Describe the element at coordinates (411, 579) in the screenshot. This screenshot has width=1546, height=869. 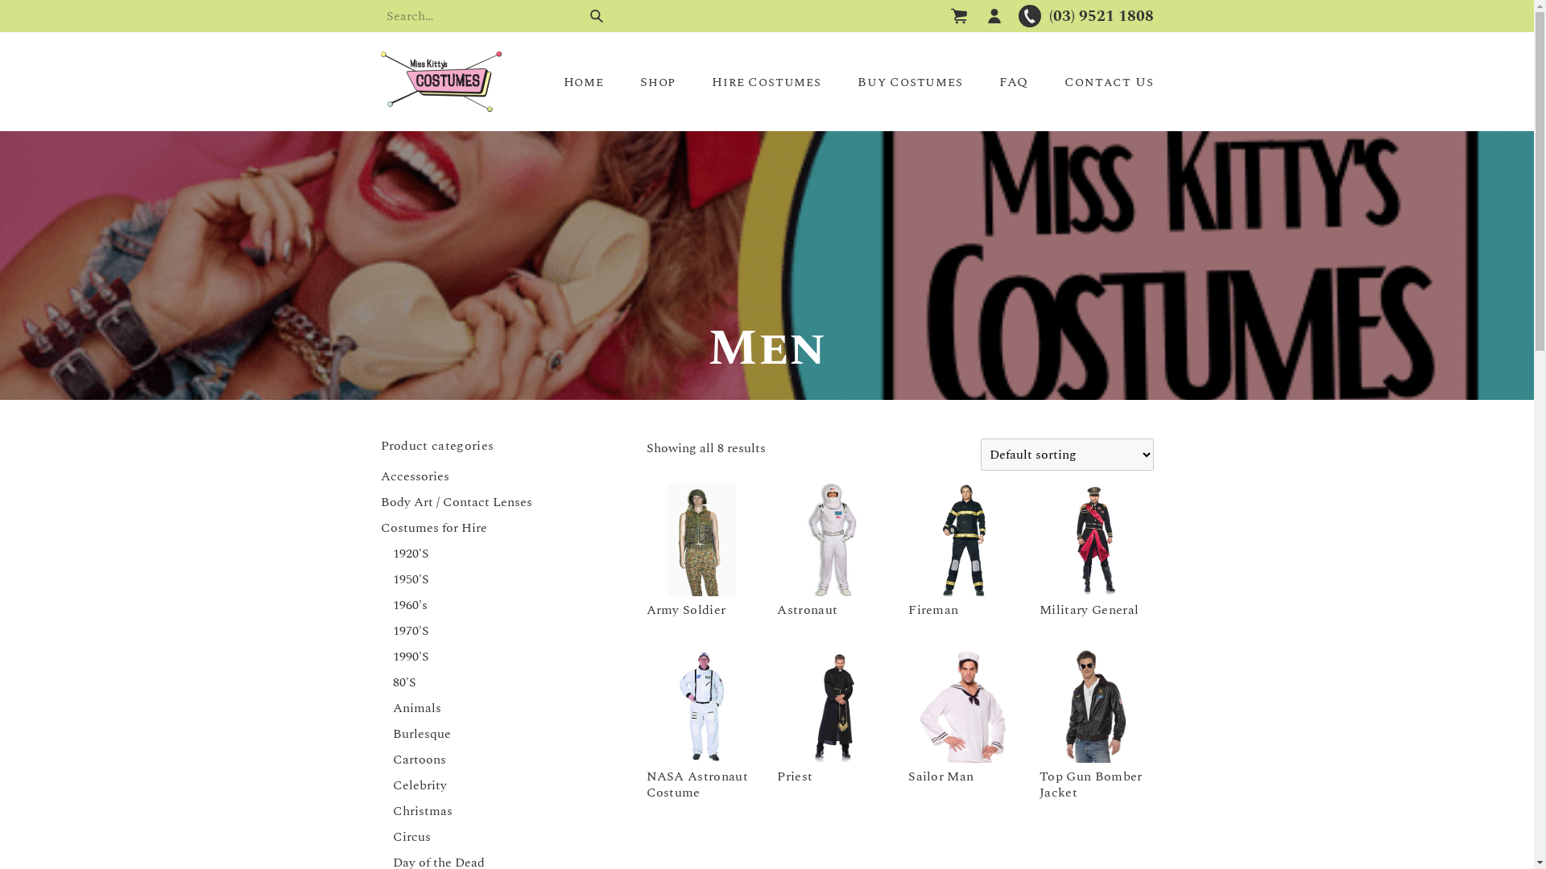
I see `'1950'S'` at that location.